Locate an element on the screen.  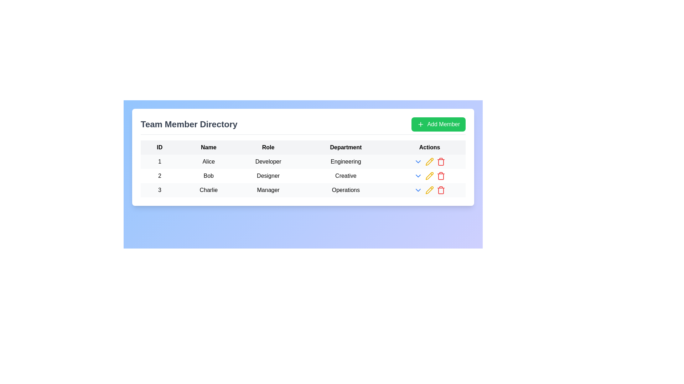
or highlight the first row in the table that displays the details of a team member is located at coordinates (303, 162).